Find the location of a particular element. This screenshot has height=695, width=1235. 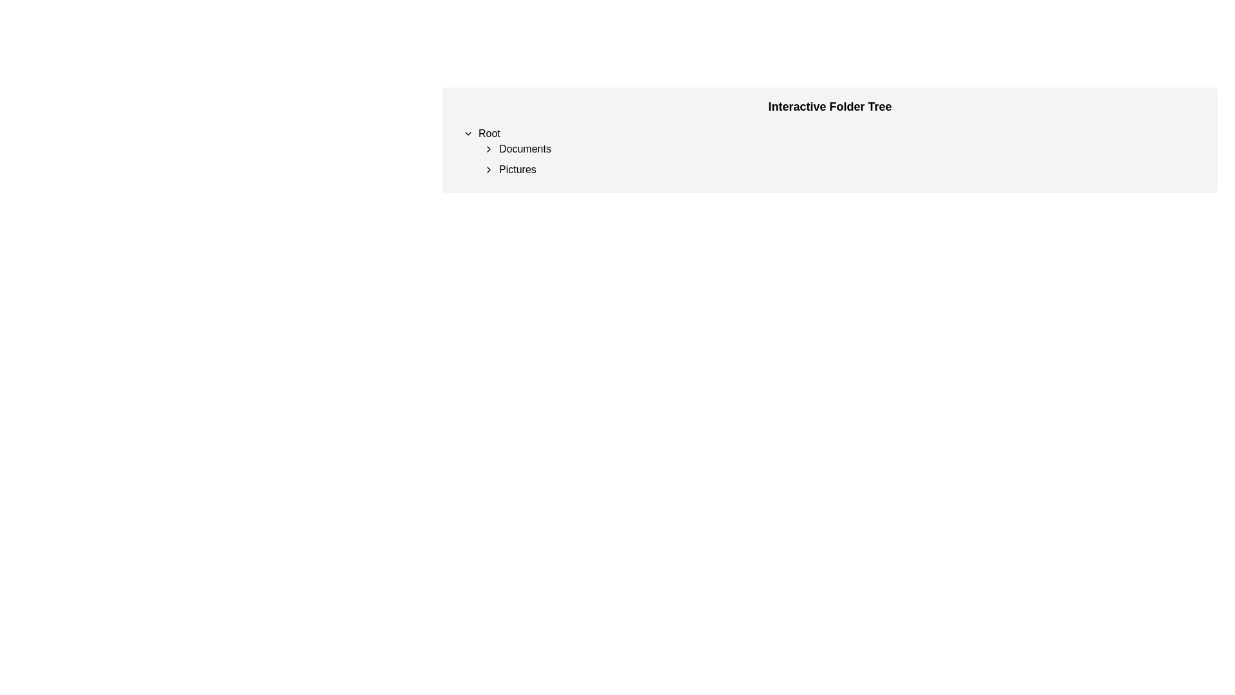

the downward chevron icon, which is positioned to the left of the 'Root' label and styled with a thin stroke and rounded corners in black is located at coordinates (468, 134).